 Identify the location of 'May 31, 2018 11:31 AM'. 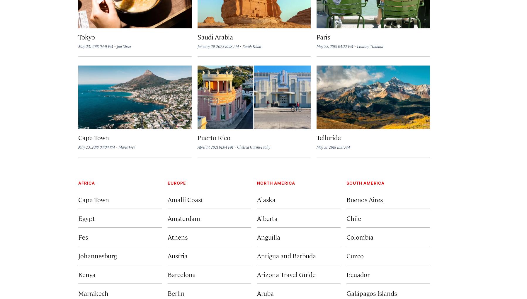
(317, 147).